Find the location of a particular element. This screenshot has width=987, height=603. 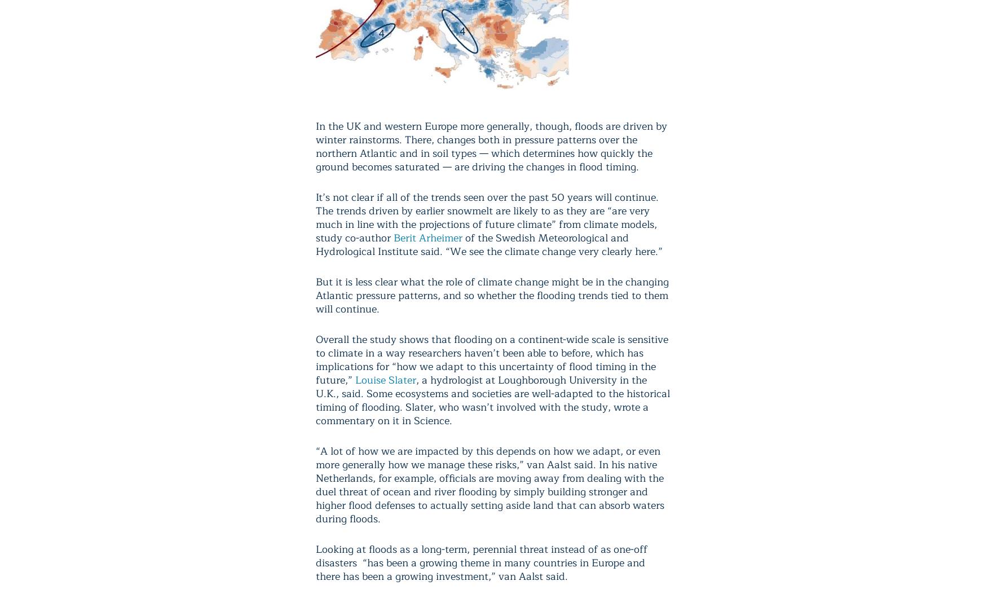

'It’s not clear if all of the trends seen over the past 50 years will continue. The trends driven by earlier snowmelt are likely to as they are “are very much in line with the projections of future climate” from climate models, study co-author' is located at coordinates (487, 217).